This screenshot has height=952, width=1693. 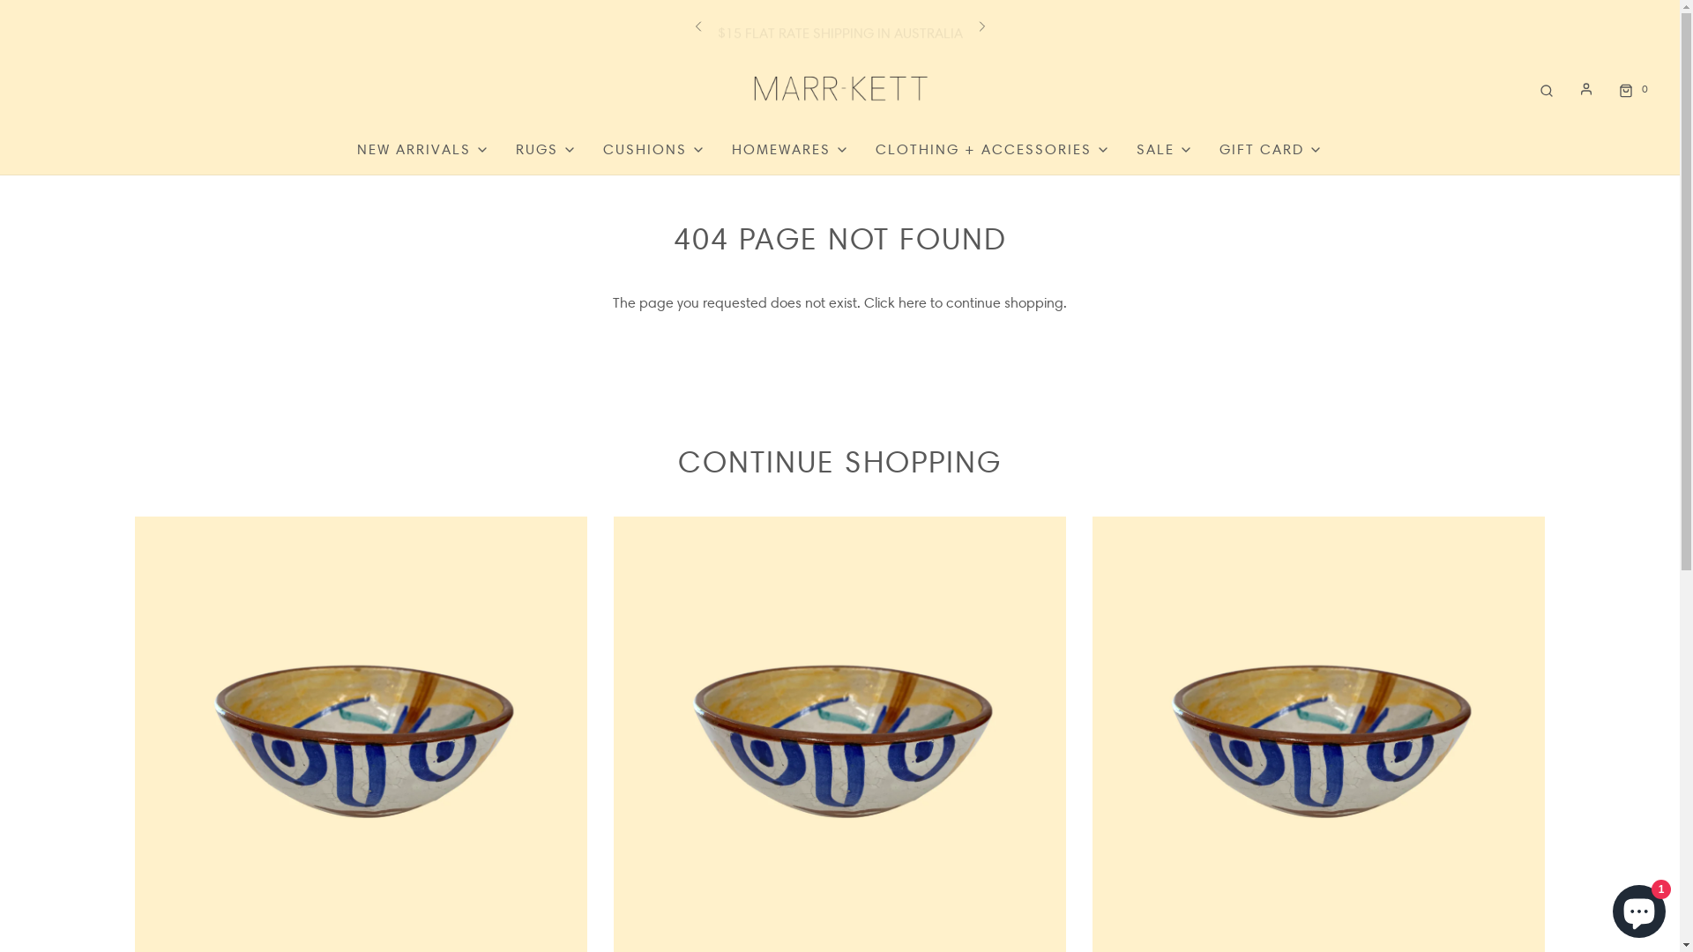 What do you see at coordinates (423, 148) in the screenshot?
I see `'NEW ARRIVALS'` at bounding box center [423, 148].